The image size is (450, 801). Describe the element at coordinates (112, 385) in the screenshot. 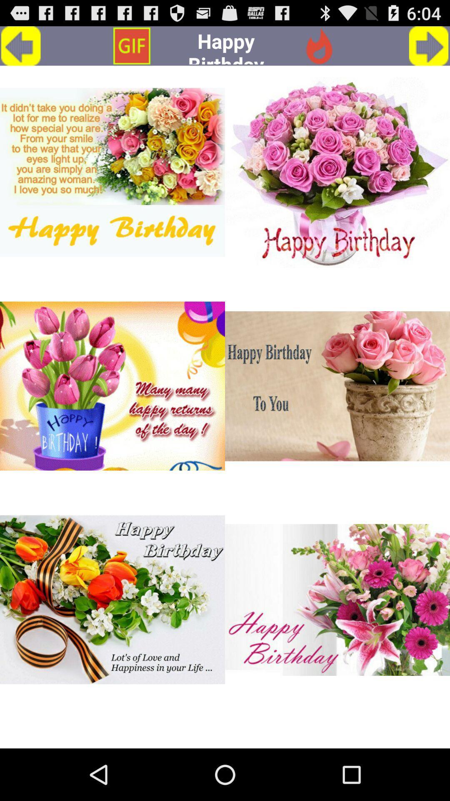

I see `choose flowers` at that location.